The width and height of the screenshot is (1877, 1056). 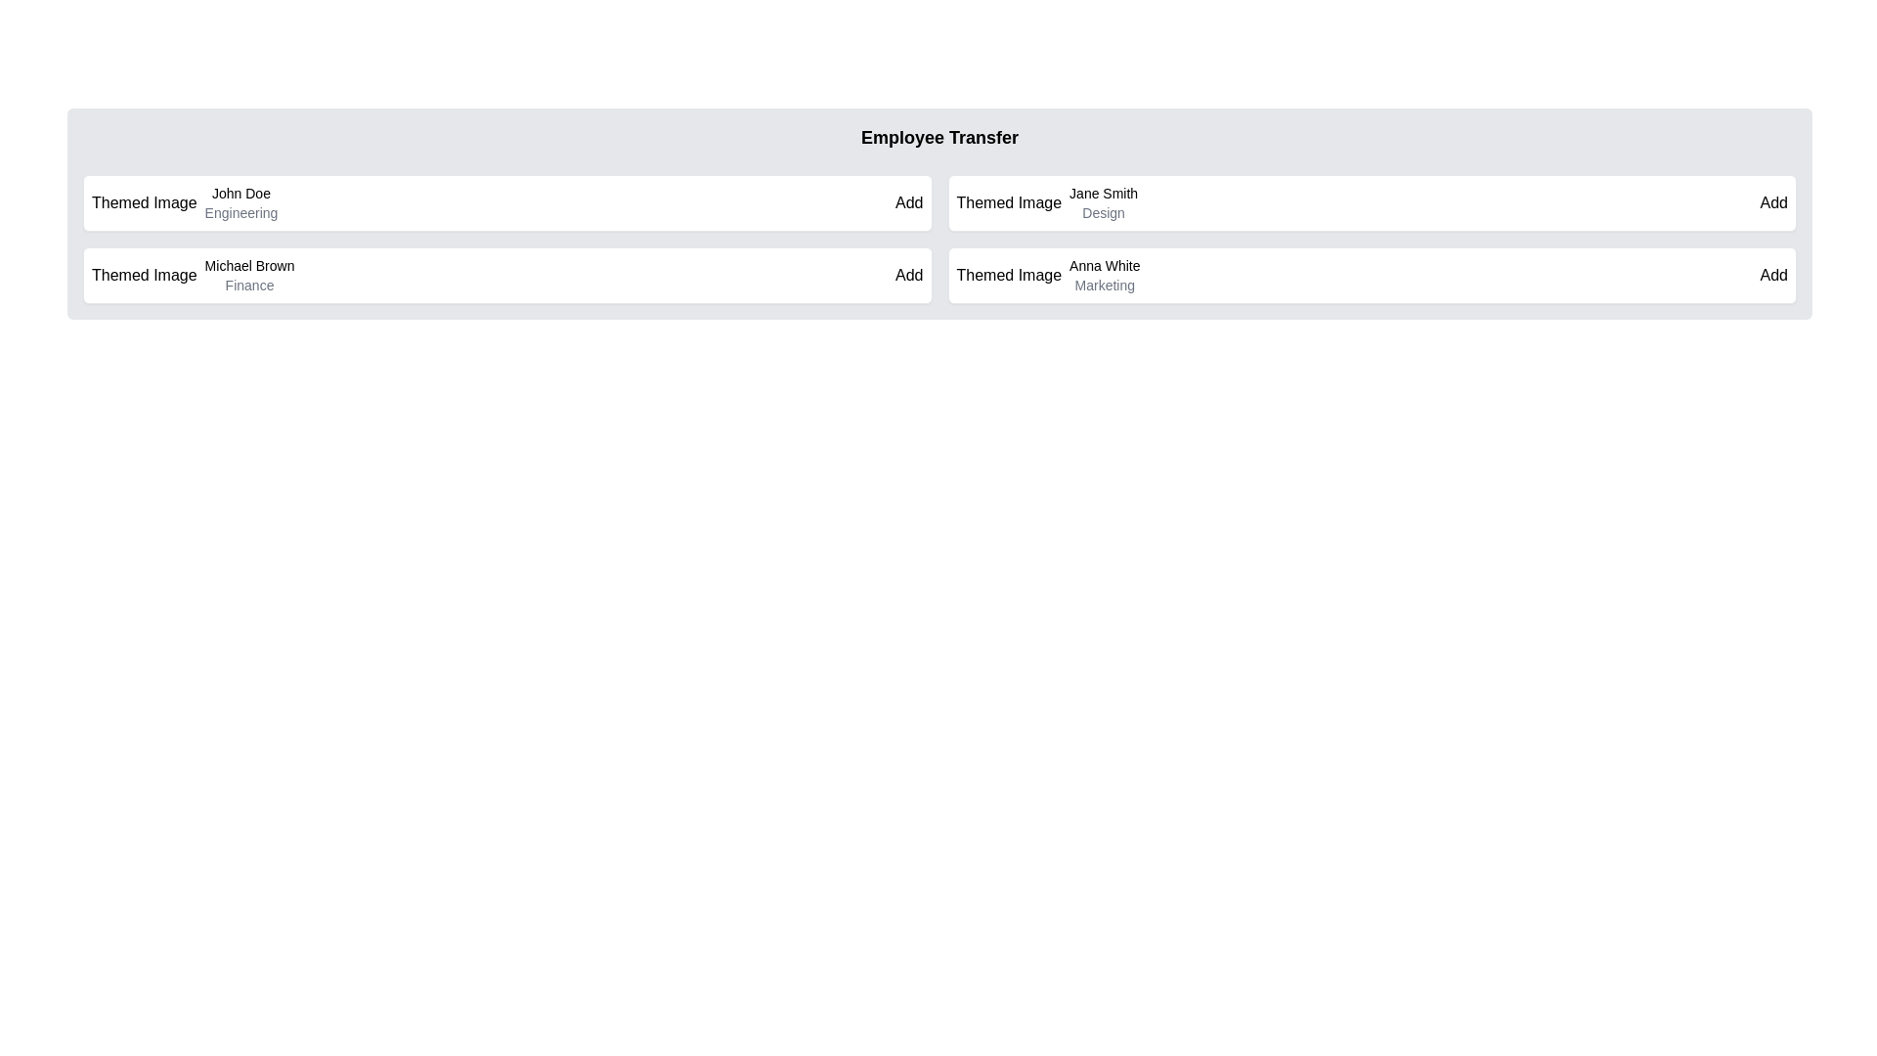 What do you see at coordinates (1371, 203) in the screenshot?
I see `the interactive unit associated with 'Jane Smith' and her 'Design' details, which contains an 'Add' button, located in the upper-right section of the grid layout` at bounding box center [1371, 203].